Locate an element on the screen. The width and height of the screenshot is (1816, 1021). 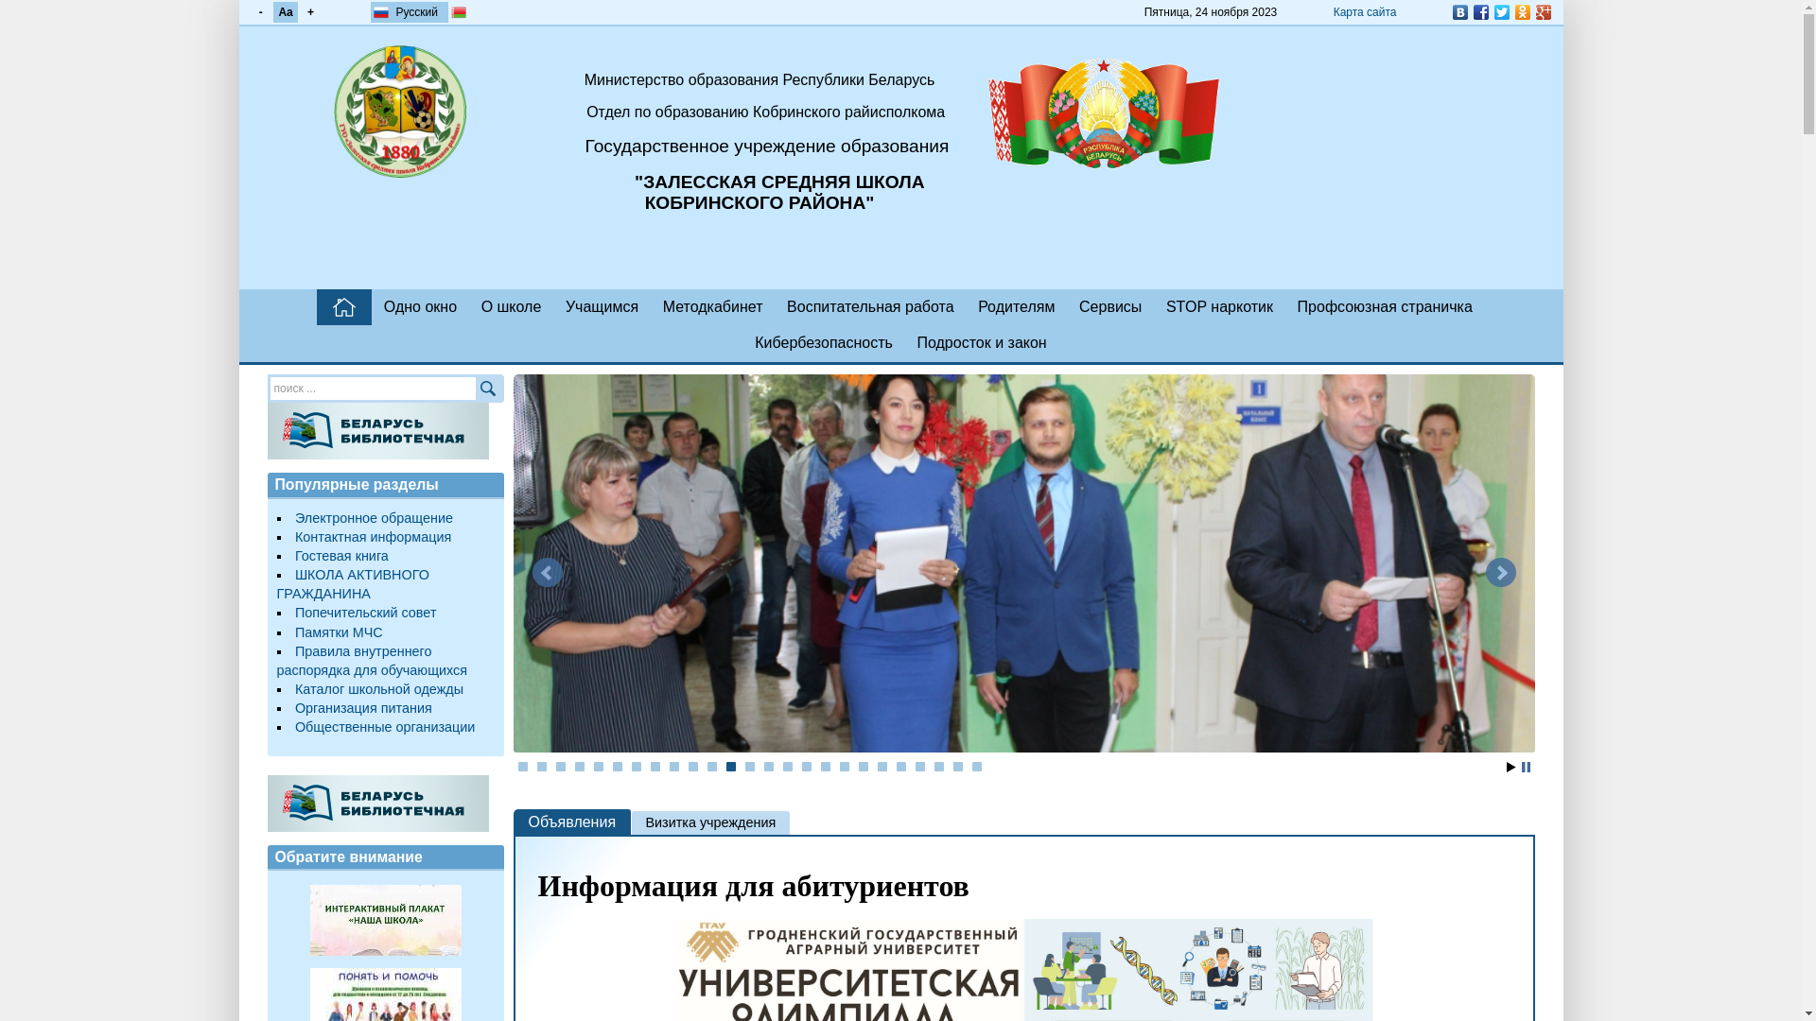
'Next' is located at coordinates (1498, 571).